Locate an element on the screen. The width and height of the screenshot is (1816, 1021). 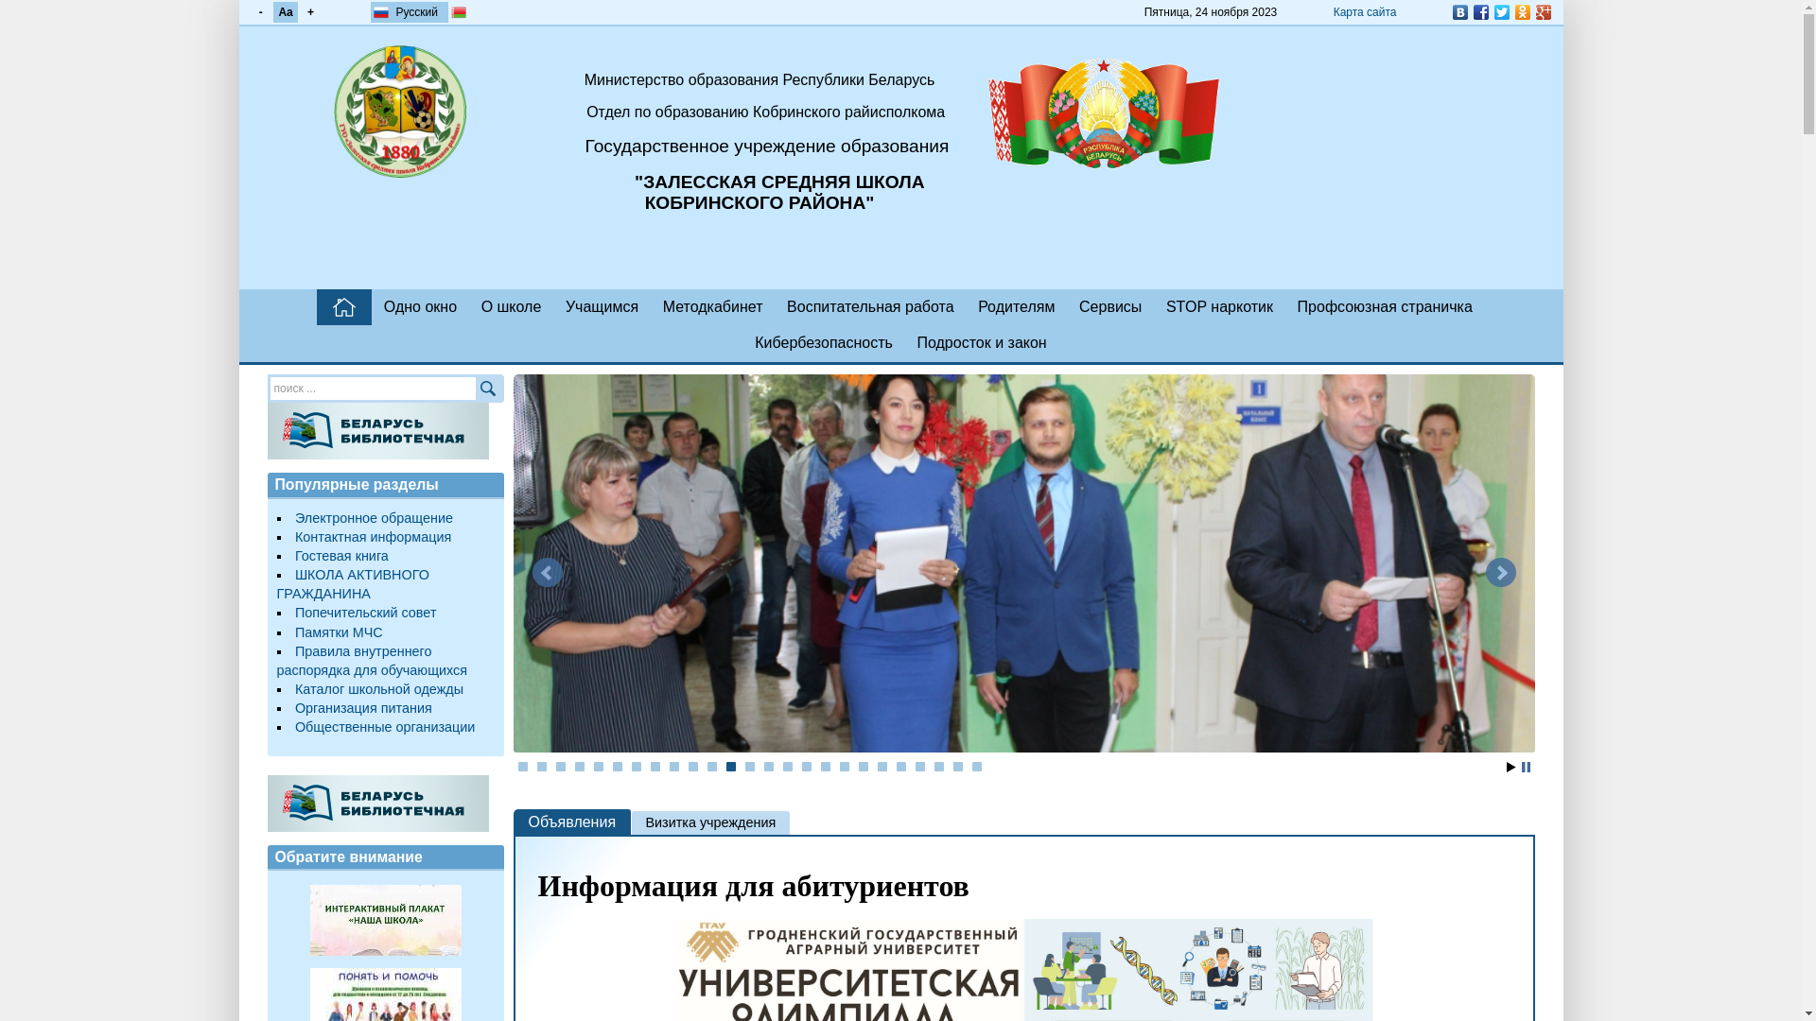
'Next' is located at coordinates (1498, 571).